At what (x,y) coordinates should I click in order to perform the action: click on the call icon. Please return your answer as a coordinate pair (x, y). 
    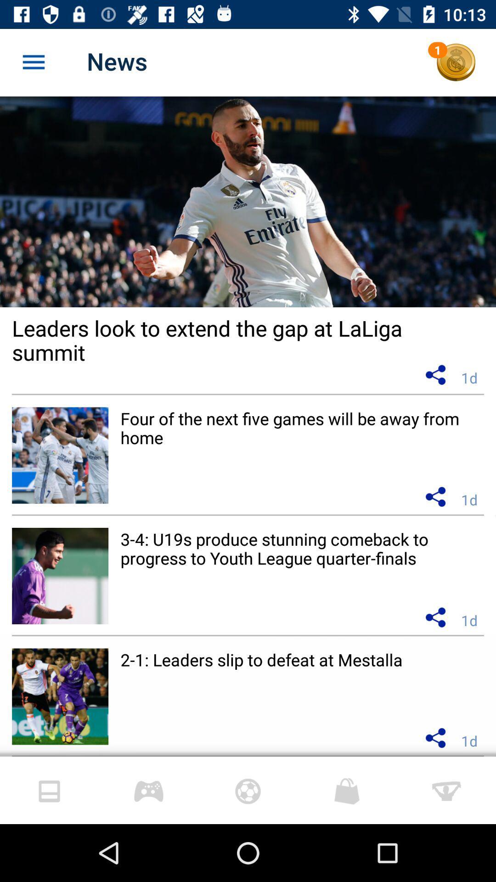
    Looking at the image, I should click on (456, 62).